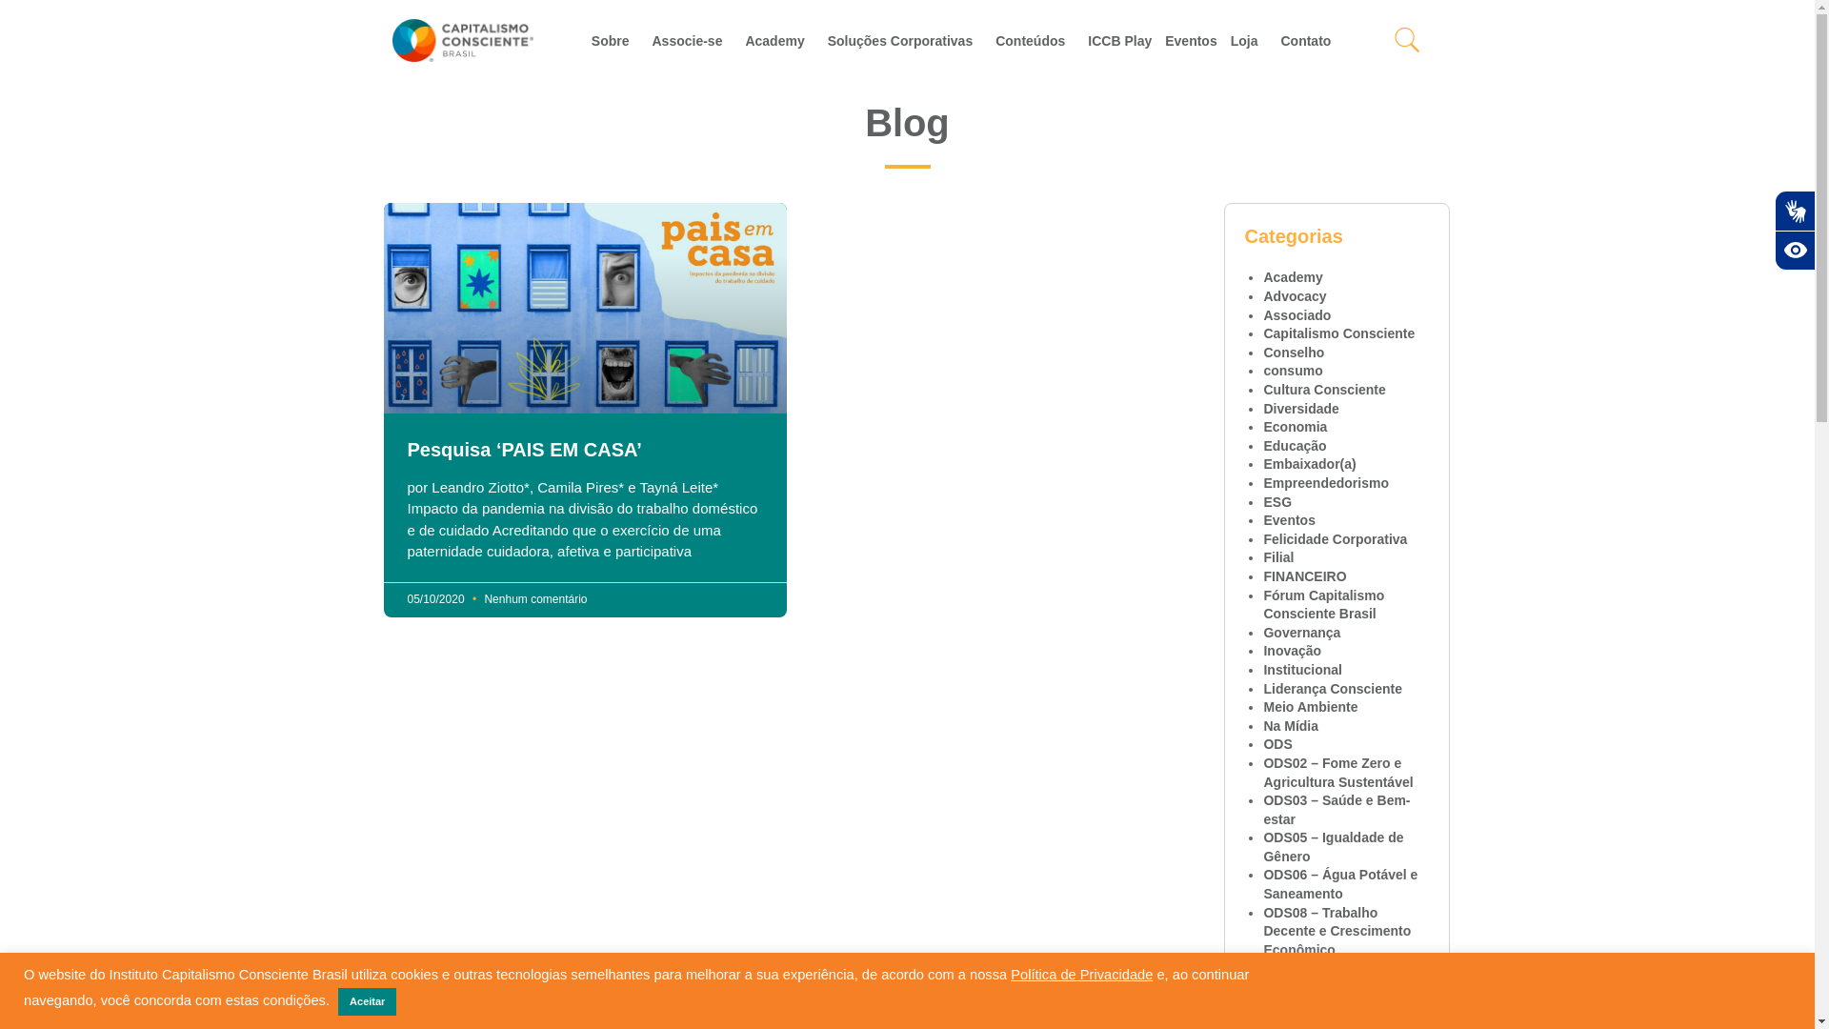 The width and height of the screenshot is (1829, 1029). What do you see at coordinates (1334, 539) in the screenshot?
I see `'Felicidade Corporativa'` at bounding box center [1334, 539].